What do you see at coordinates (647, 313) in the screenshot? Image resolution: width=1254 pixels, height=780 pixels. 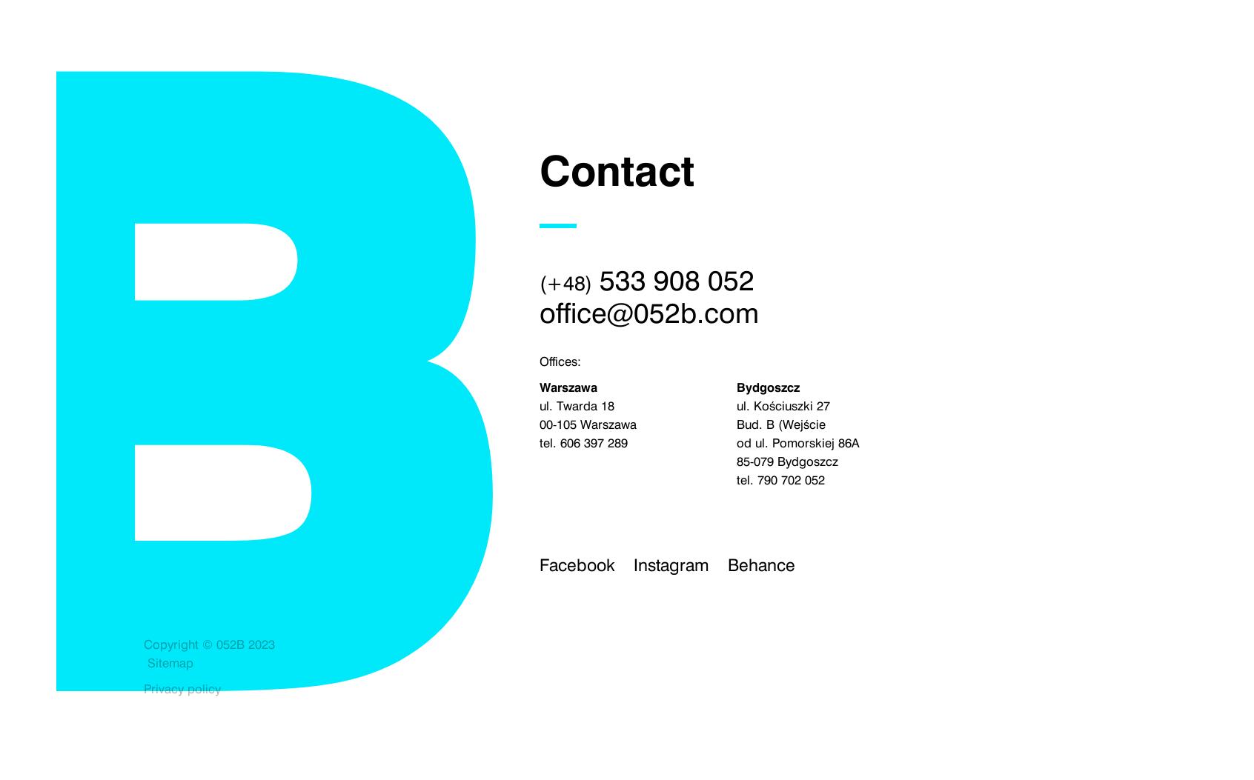 I see `'office@052b.com'` at bounding box center [647, 313].